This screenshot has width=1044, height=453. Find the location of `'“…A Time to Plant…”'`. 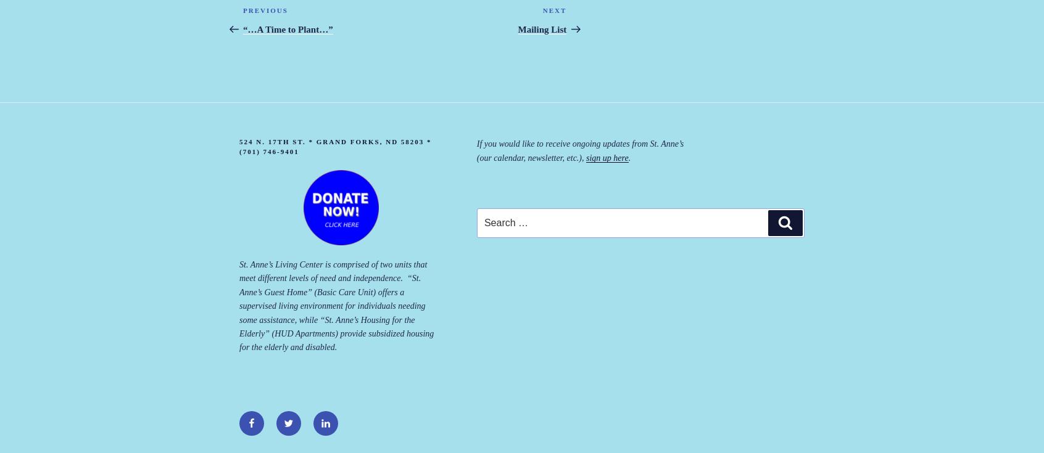

'“…A Time to Plant…”' is located at coordinates (287, 28).